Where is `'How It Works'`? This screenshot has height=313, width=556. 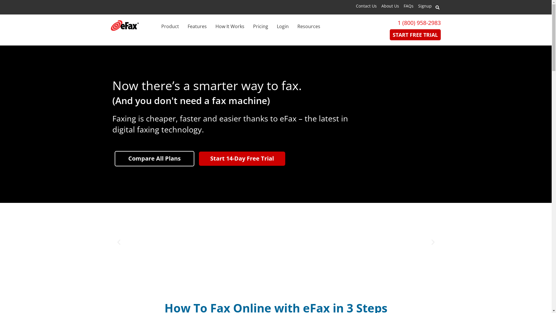
'How It Works' is located at coordinates (229, 27).